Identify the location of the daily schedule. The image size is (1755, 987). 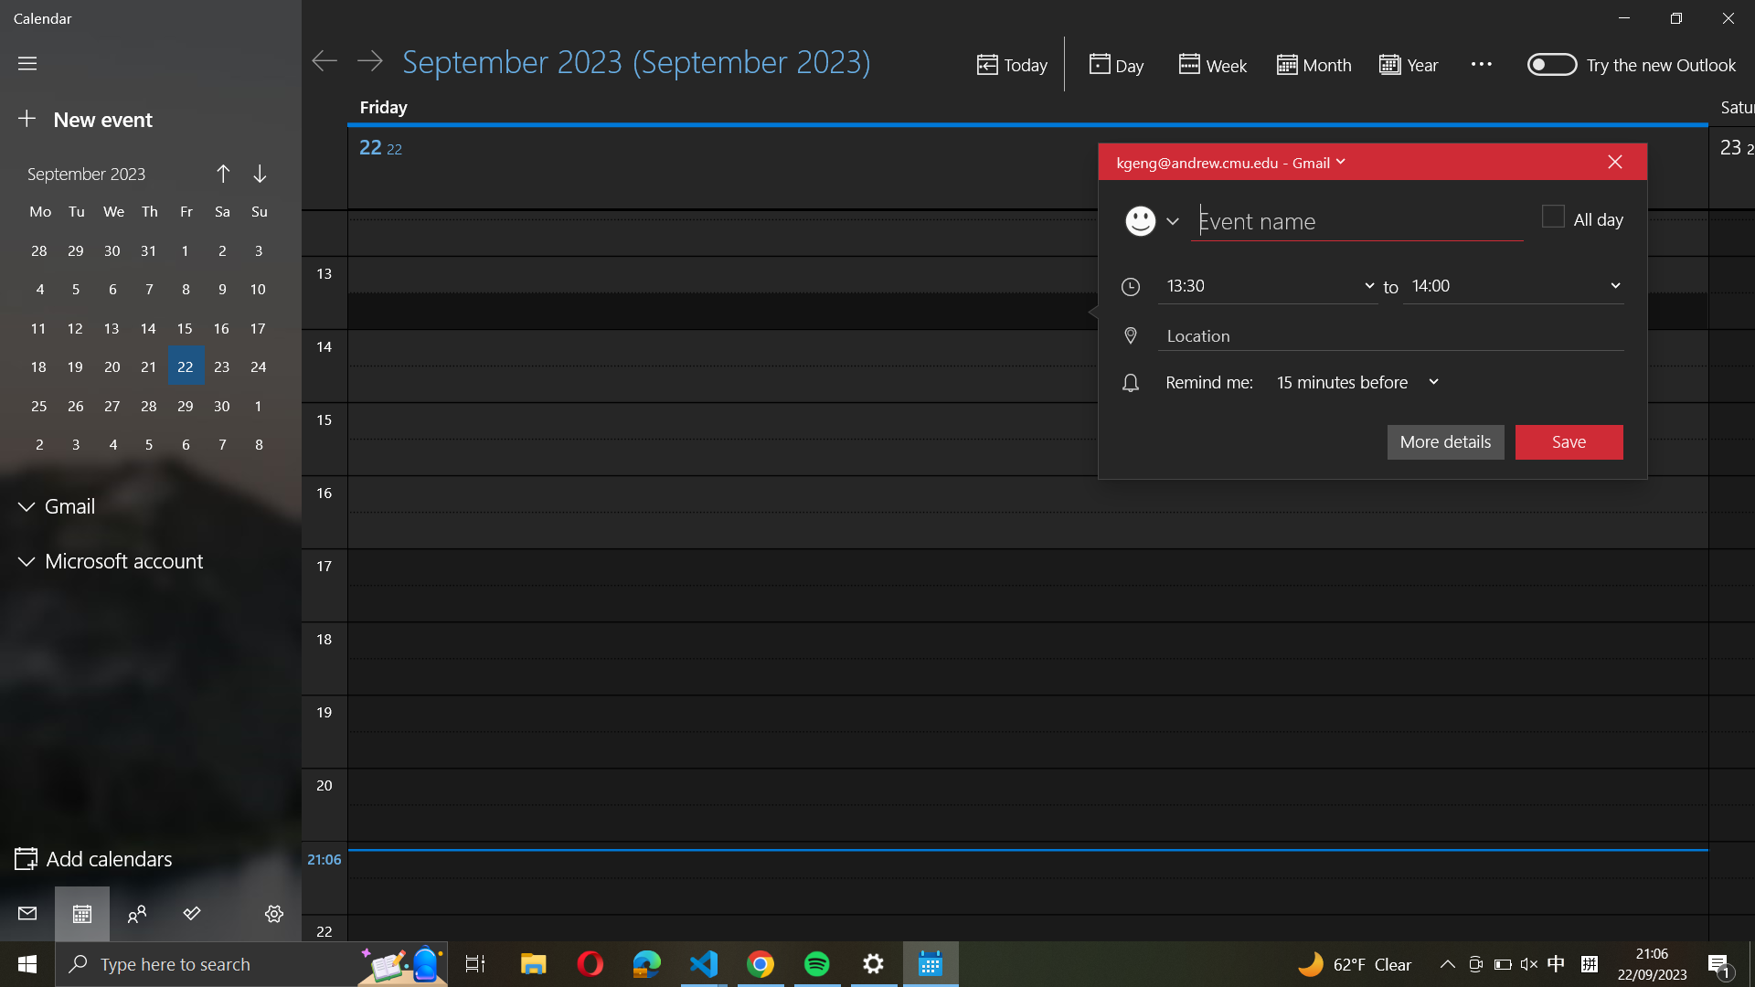
(1115, 63).